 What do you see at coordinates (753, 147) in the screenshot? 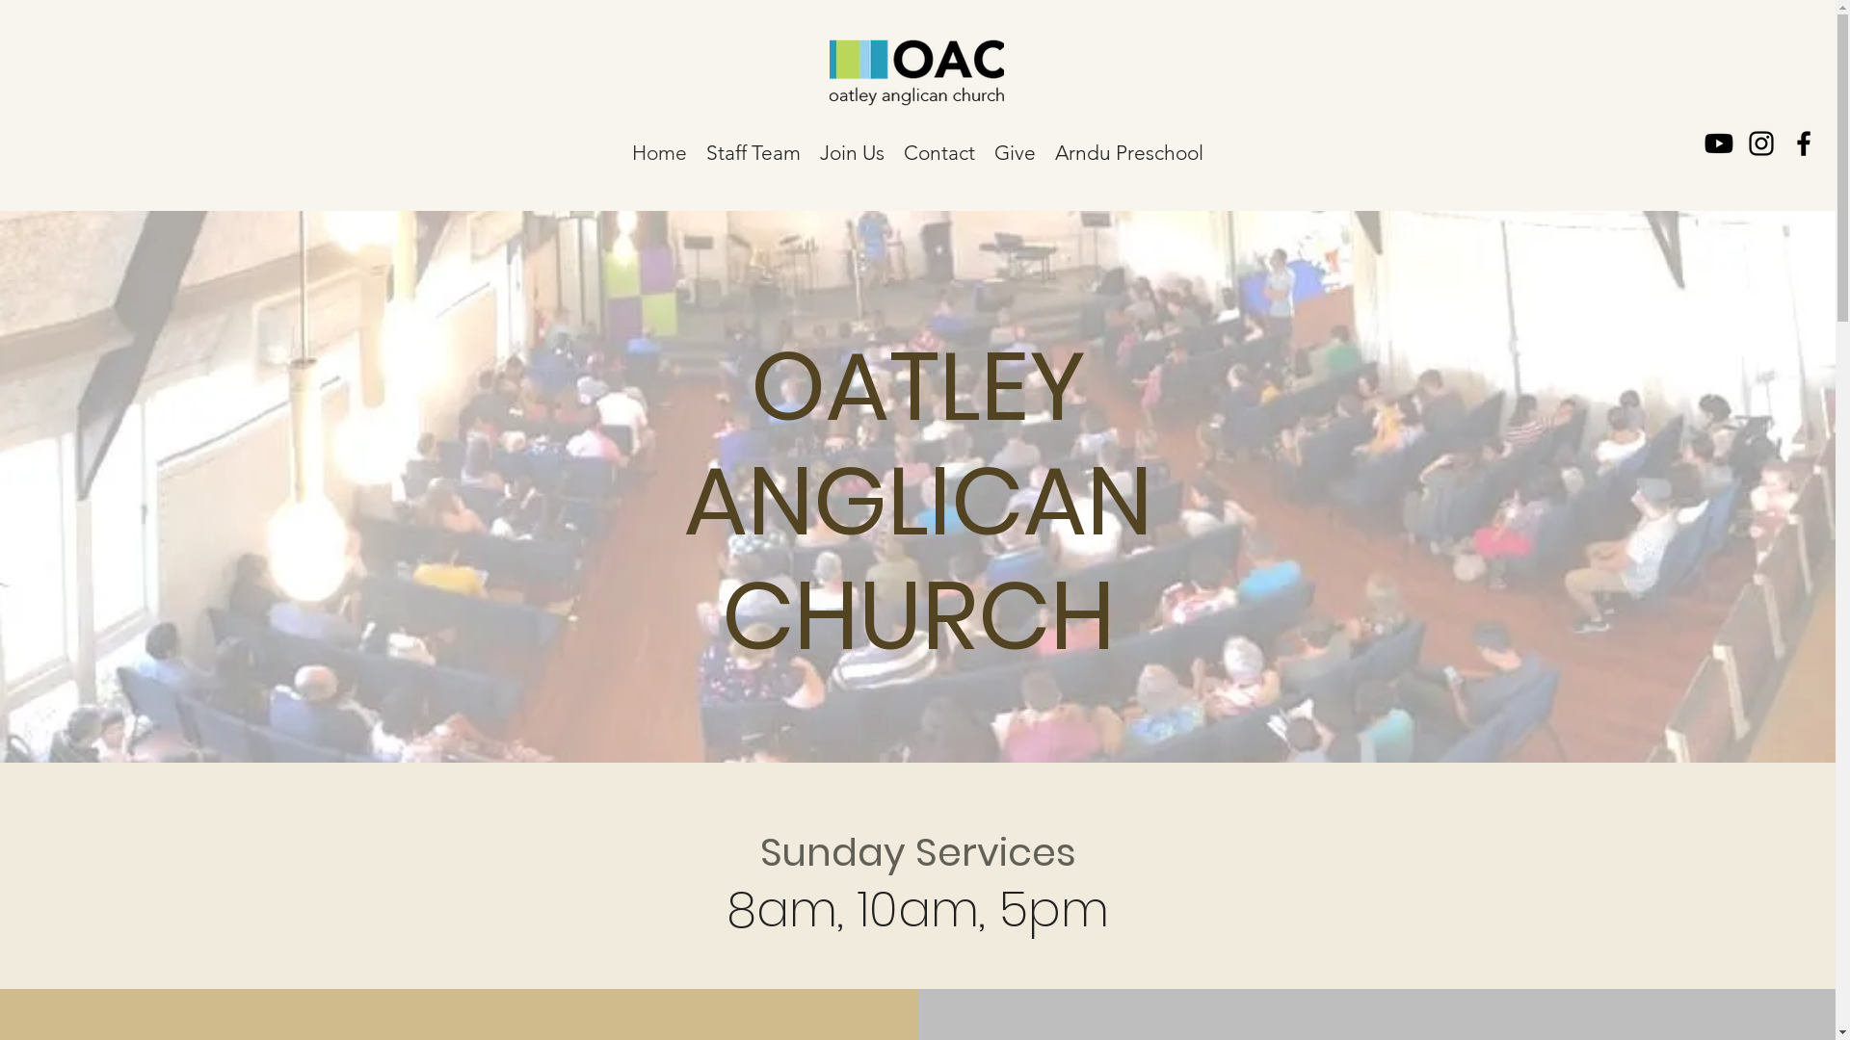
I see `'Staff Team'` at bounding box center [753, 147].